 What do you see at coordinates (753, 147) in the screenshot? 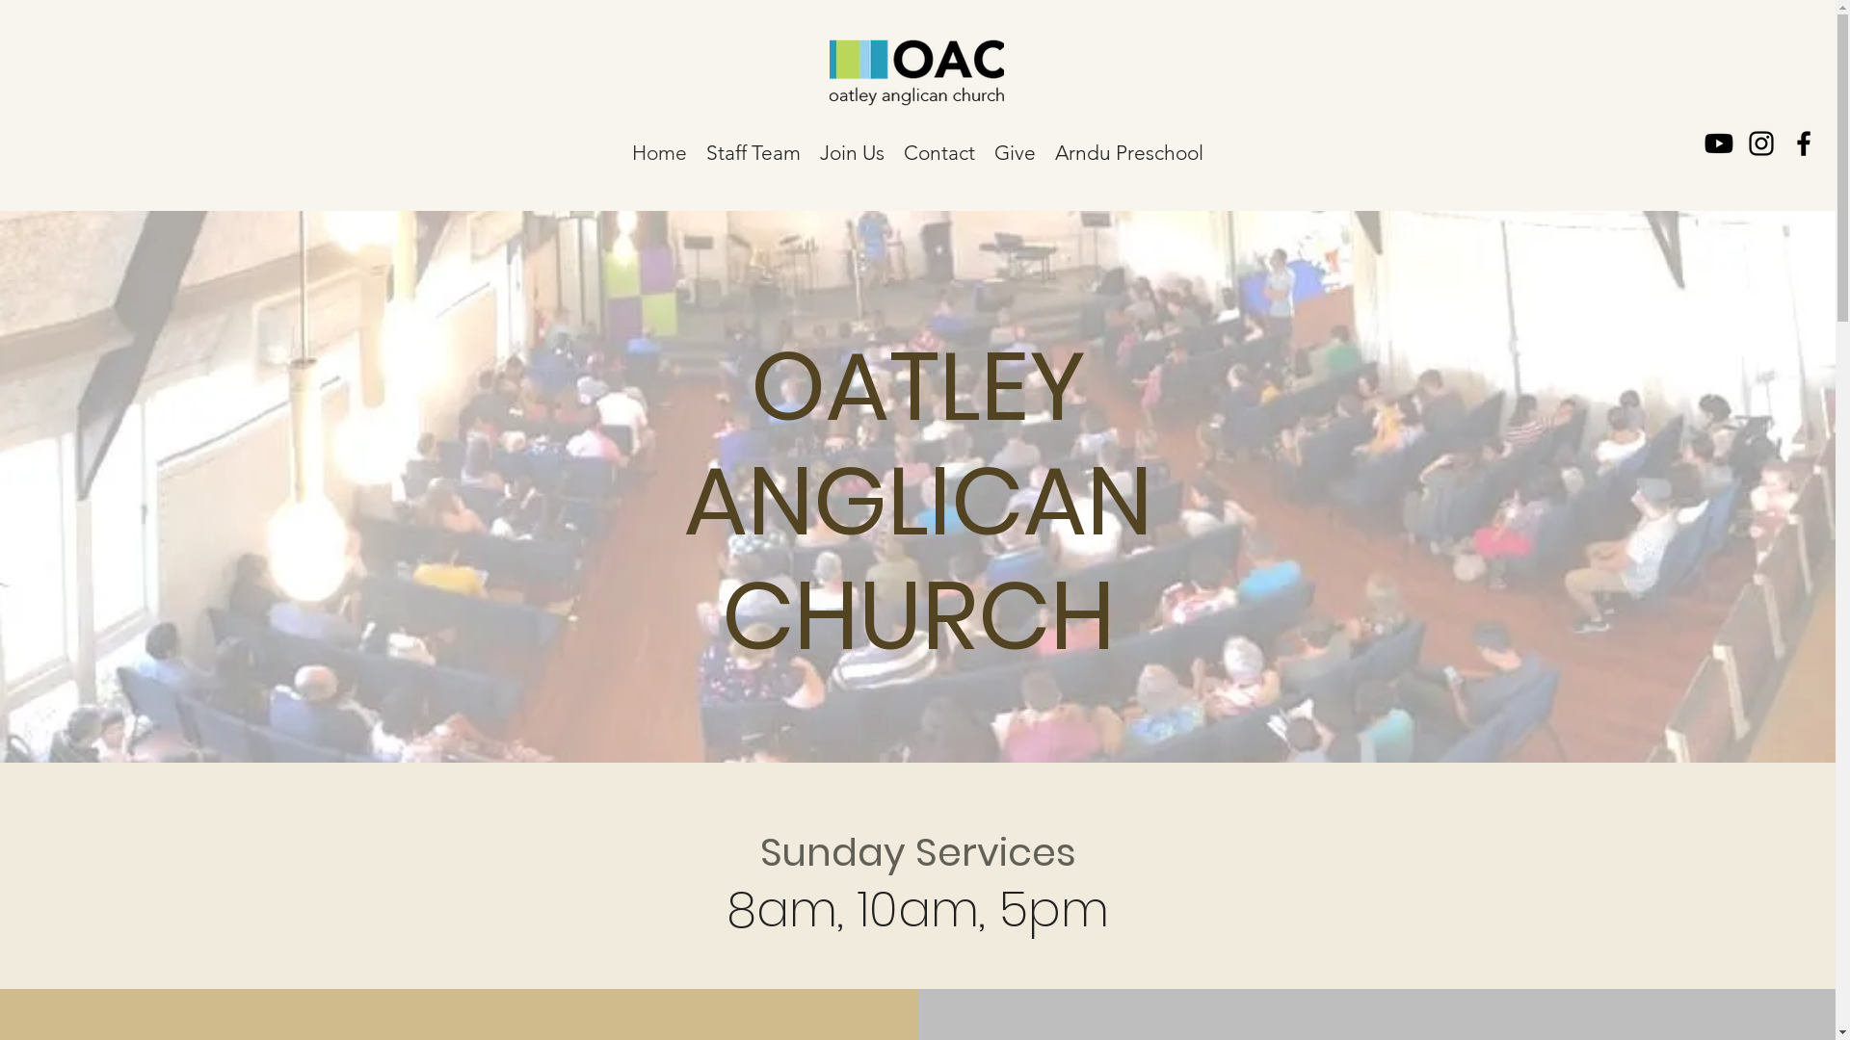
I see `'Staff Team'` at bounding box center [753, 147].